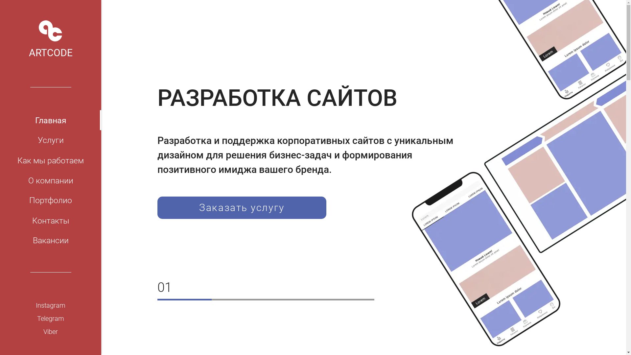 The height and width of the screenshot is (355, 631). I want to click on 'Instagram', so click(50, 305).